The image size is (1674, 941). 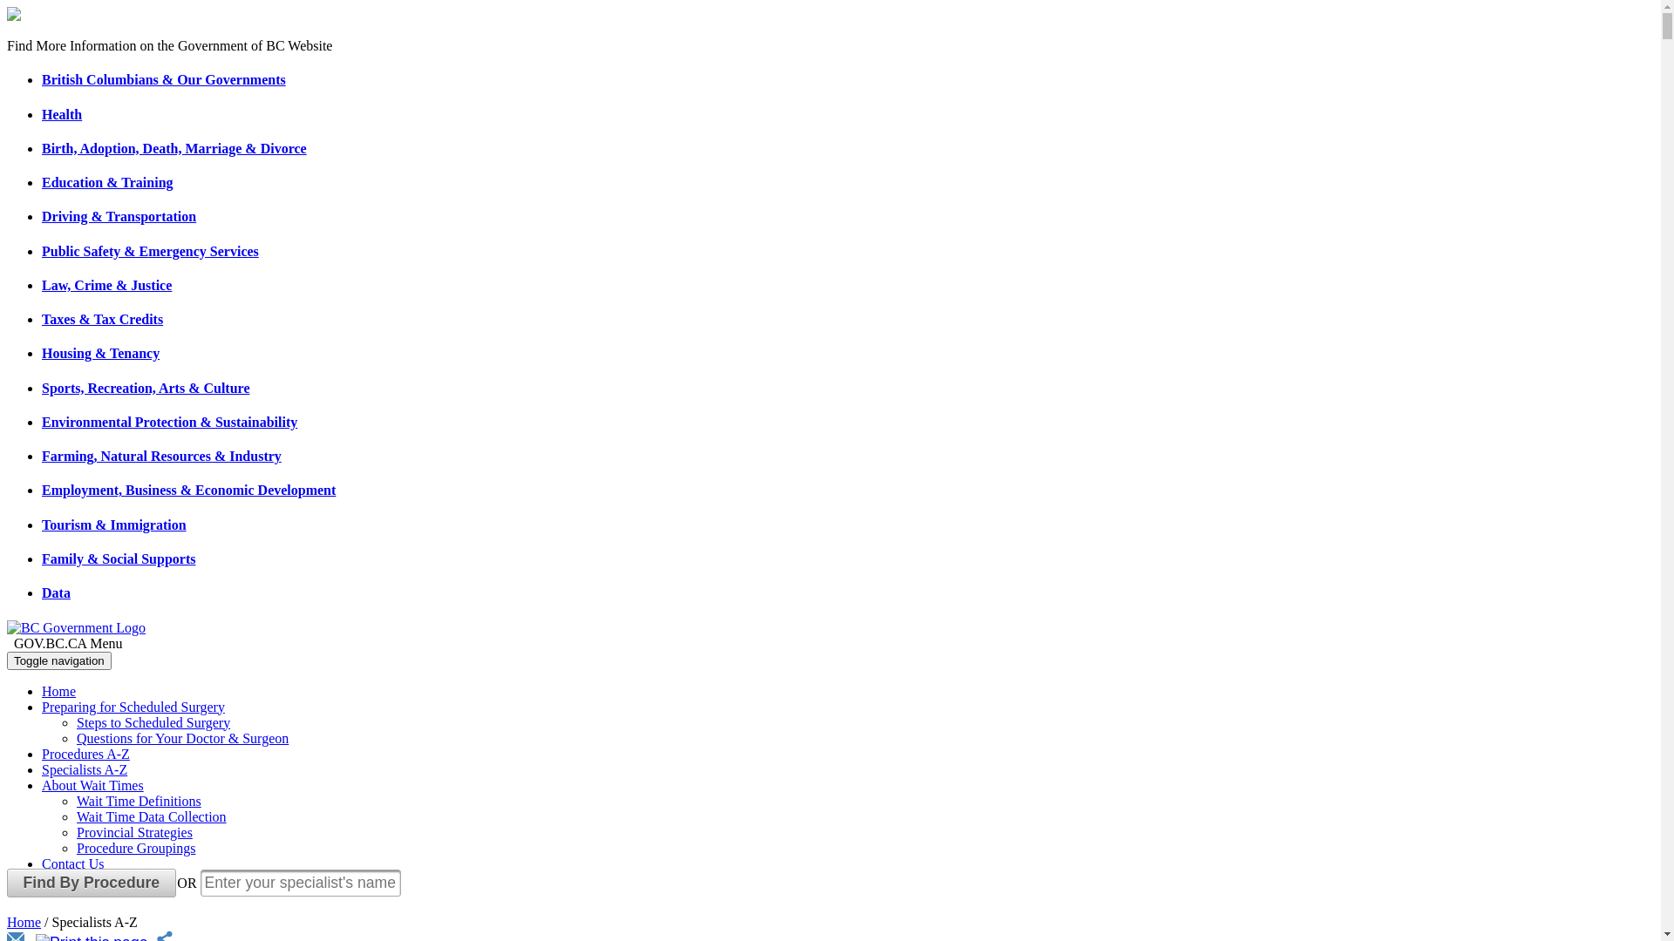 I want to click on 'About Wait Times', so click(x=42, y=785).